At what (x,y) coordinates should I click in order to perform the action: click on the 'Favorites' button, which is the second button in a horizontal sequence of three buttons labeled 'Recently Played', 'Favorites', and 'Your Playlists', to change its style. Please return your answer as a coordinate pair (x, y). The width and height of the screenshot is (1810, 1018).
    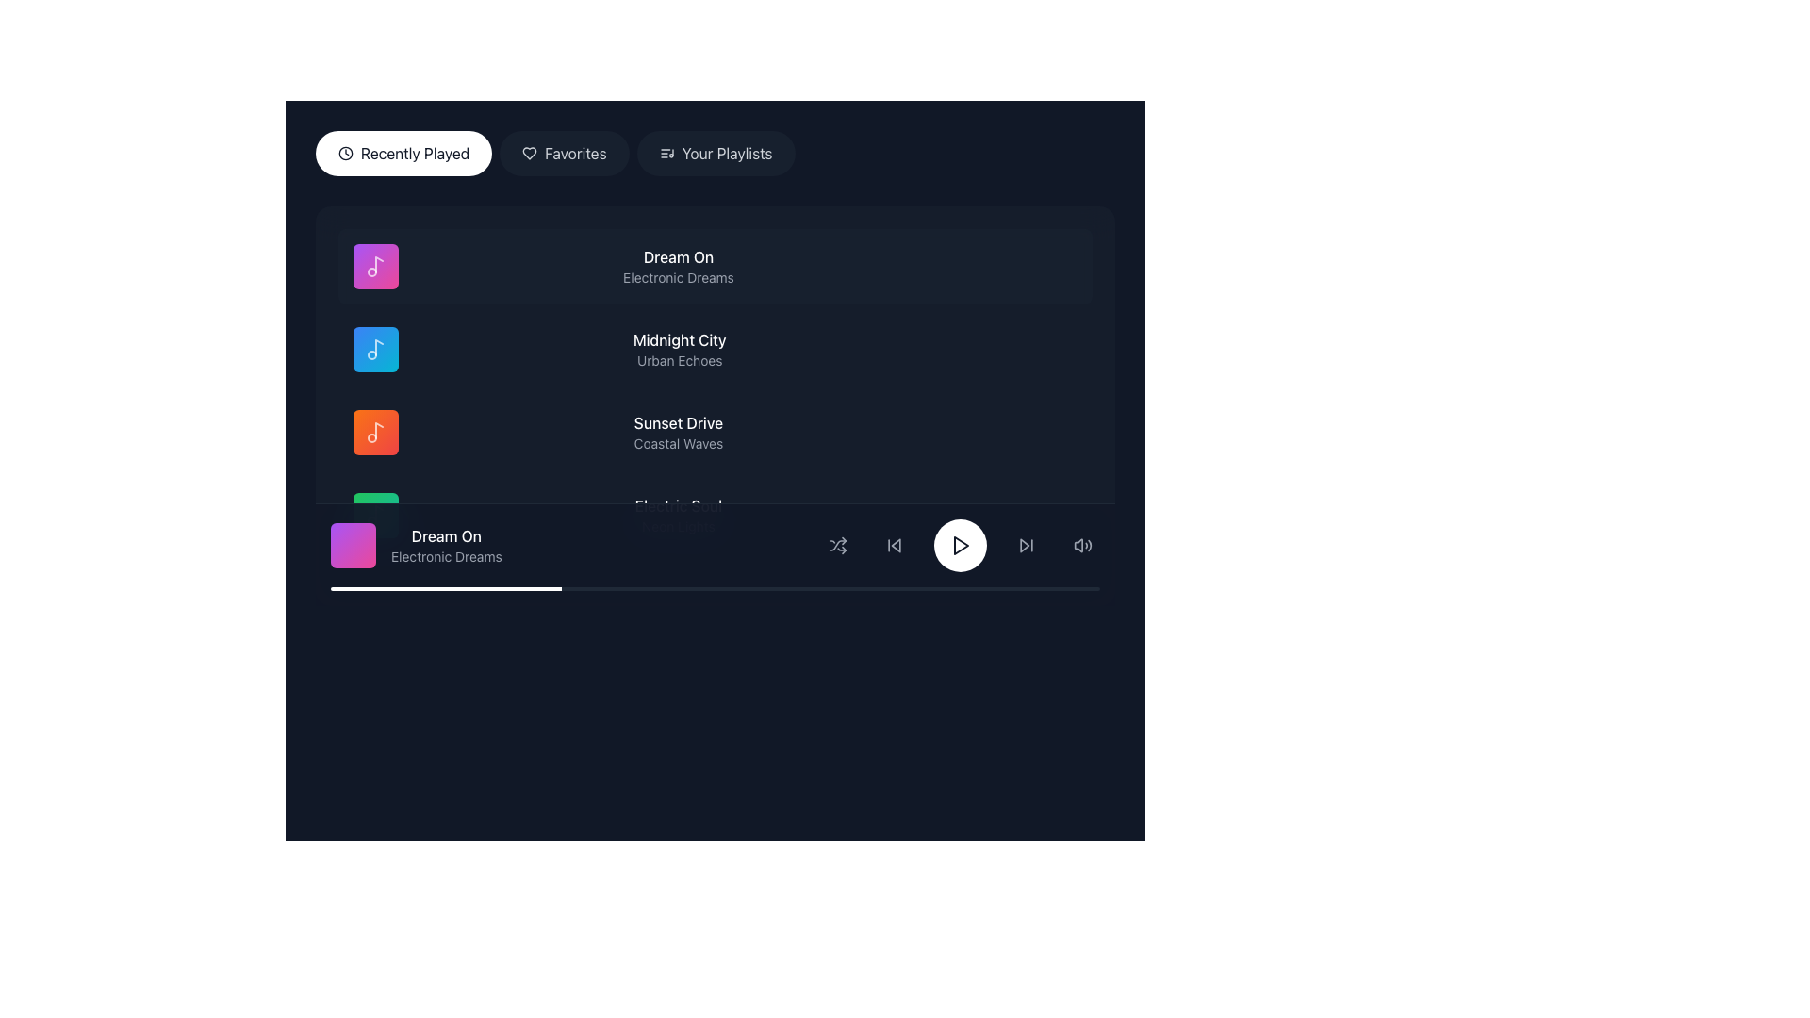
    Looking at the image, I should click on (563, 152).